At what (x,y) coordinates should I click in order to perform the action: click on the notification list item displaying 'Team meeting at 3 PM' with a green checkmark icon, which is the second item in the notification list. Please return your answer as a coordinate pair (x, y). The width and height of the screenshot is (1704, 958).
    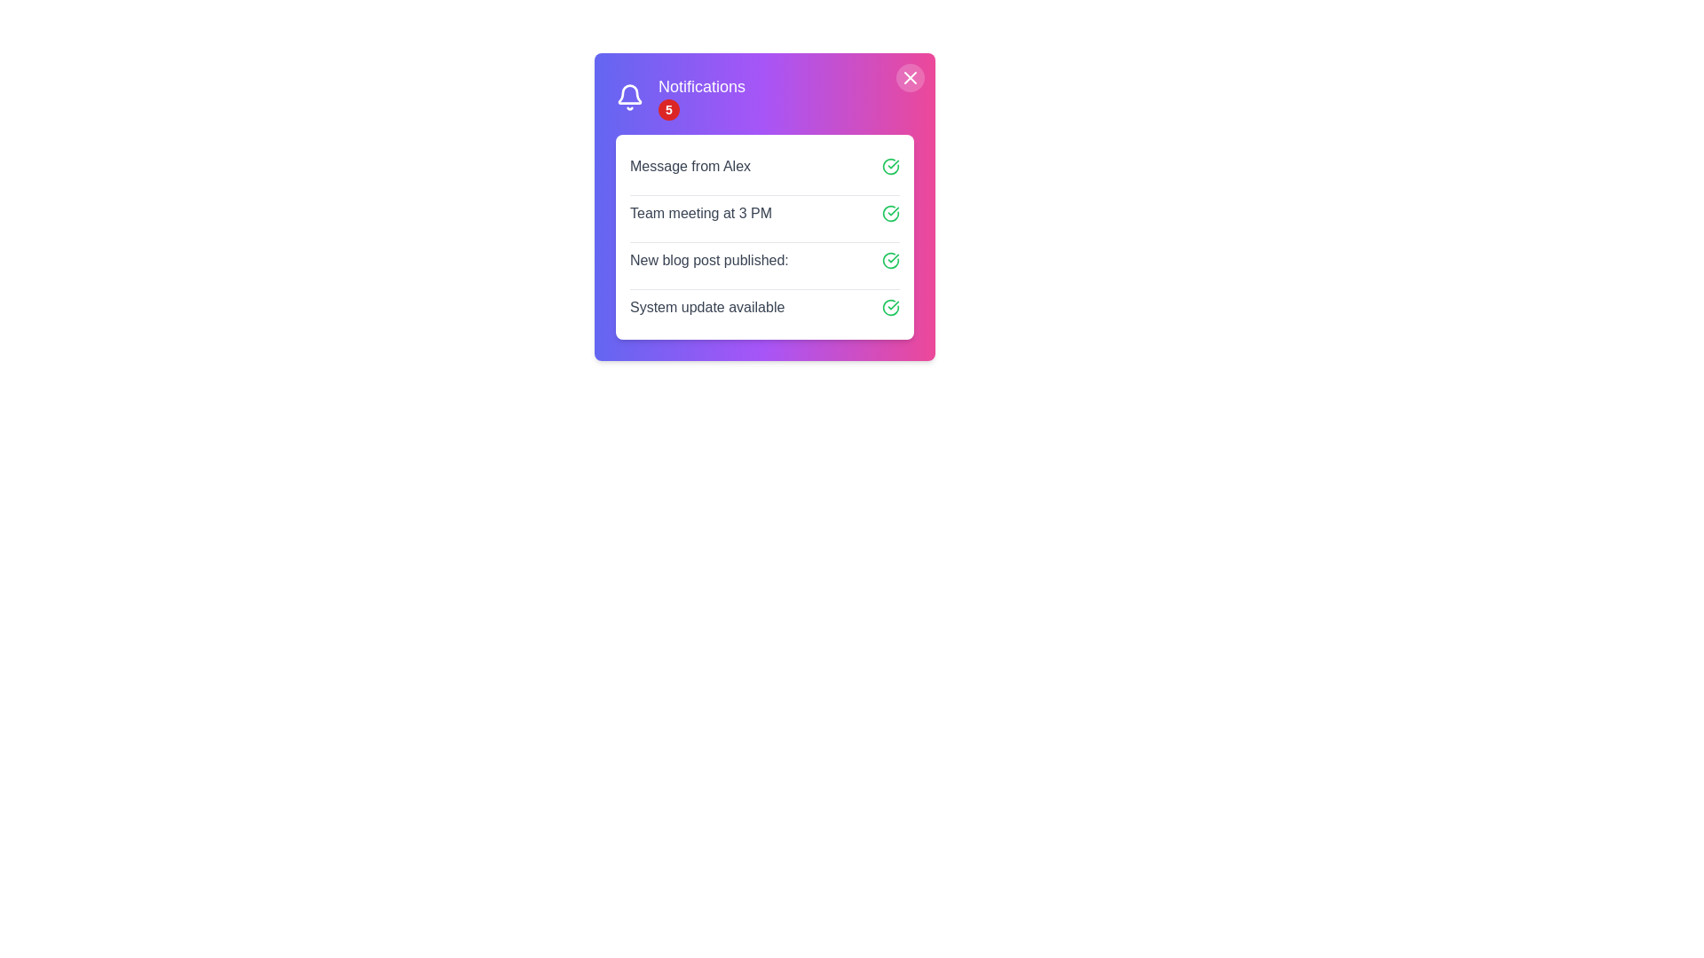
    Looking at the image, I should click on (765, 212).